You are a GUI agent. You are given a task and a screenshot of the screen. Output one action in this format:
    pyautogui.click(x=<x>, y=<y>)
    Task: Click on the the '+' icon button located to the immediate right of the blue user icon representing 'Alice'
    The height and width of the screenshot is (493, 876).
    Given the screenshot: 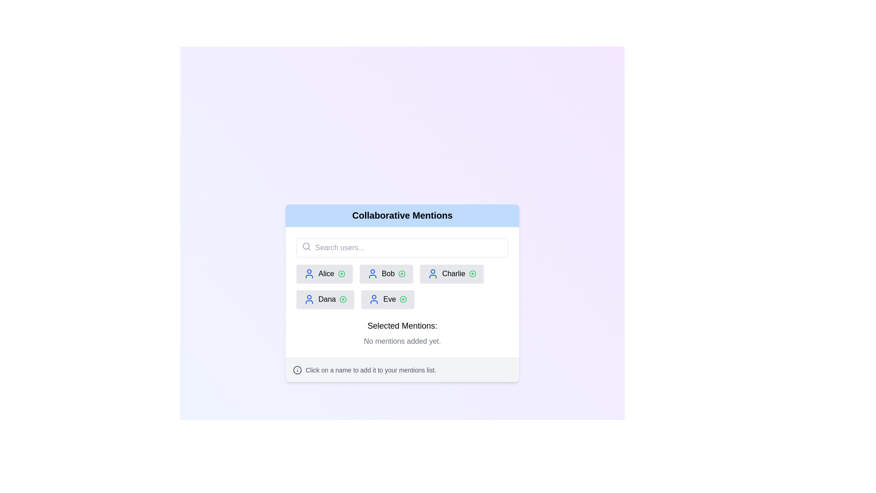 What is the action you would take?
    pyautogui.click(x=341, y=273)
    